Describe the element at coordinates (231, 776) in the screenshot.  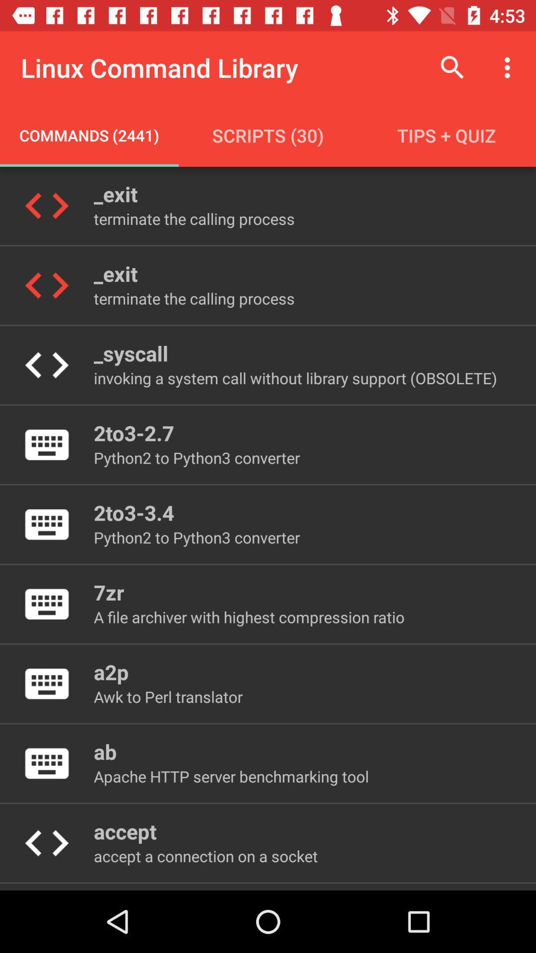
I see `item below ab` at that location.